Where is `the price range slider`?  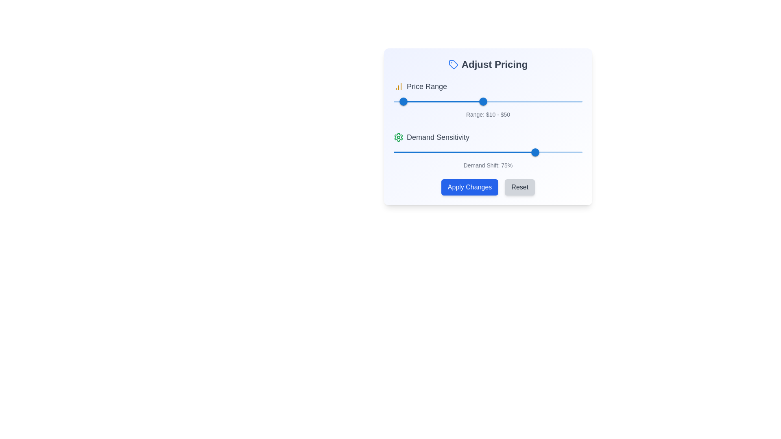 the price range slider is located at coordinates (484, 101).